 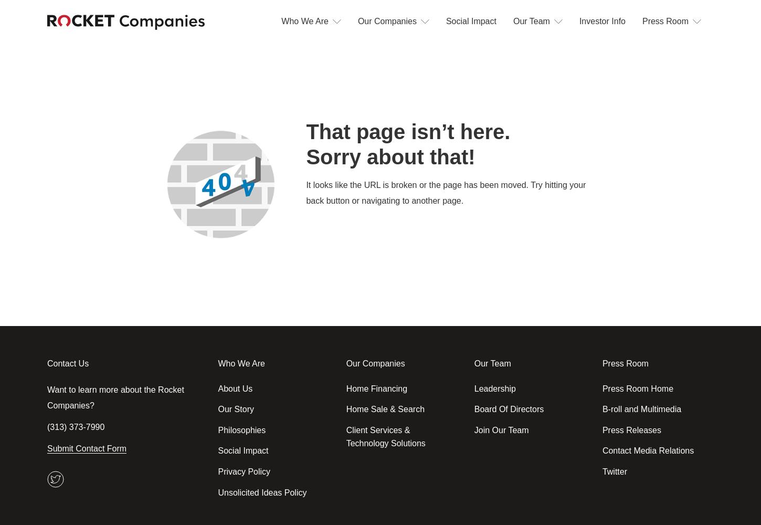 I want to click on 'Press Room Home', so click(x=601, y=387).